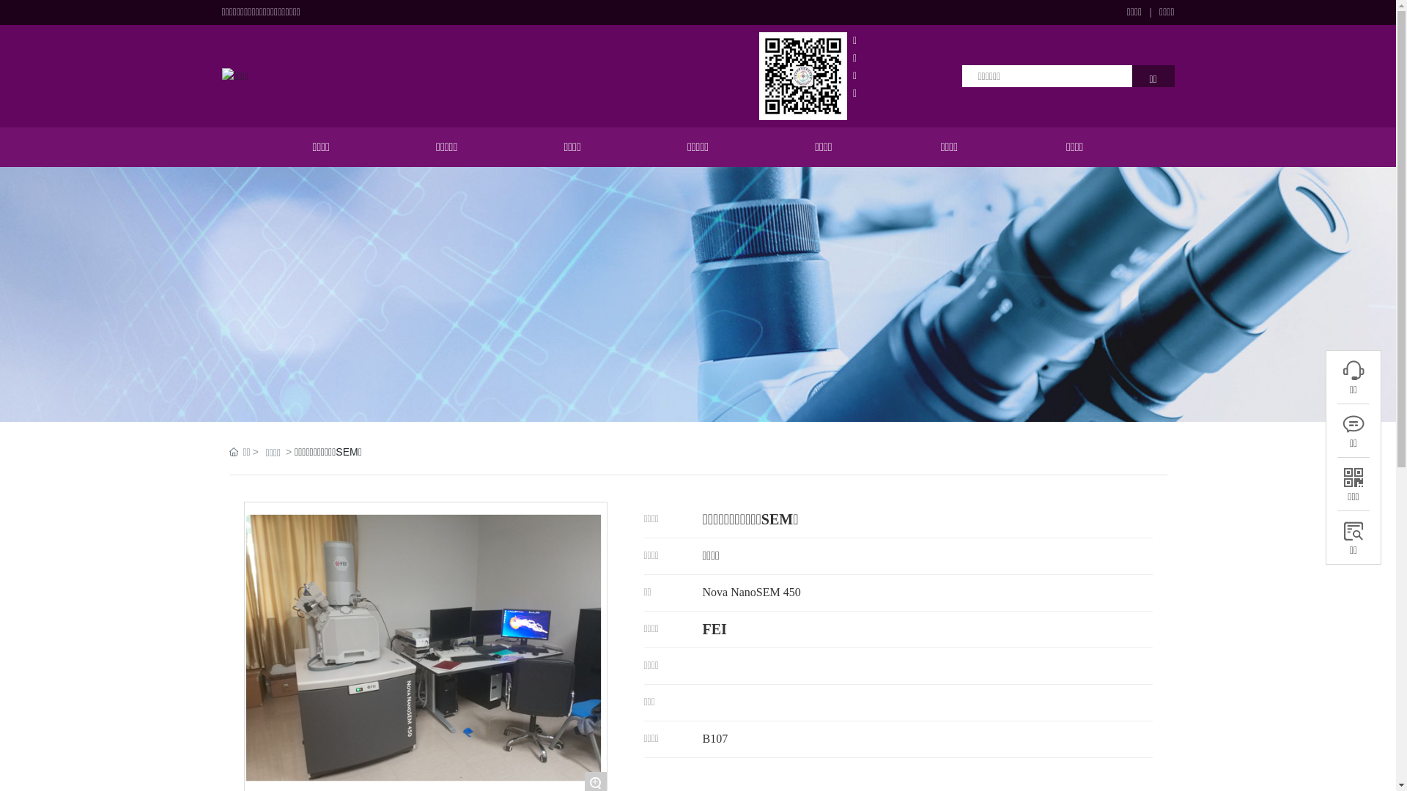 This screenshot has height=791, width=1407. Describe the element at coordinates (1353, 477) in the screenshot. I see `'112'` at that location.